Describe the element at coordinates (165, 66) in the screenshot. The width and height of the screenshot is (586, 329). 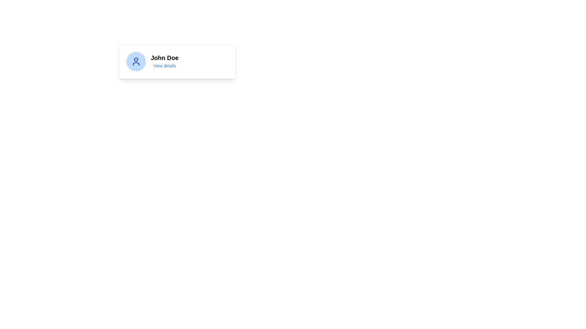
I see `the link that allows the user` at that location.